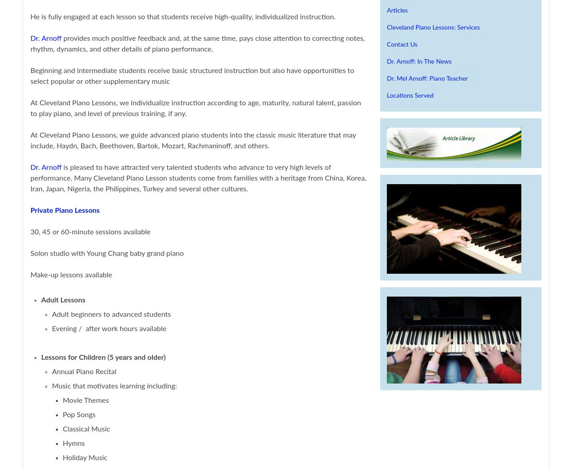 The width and height of the screenshot is (572, 470). Describe the element at coordinates (63, 299) in the screenshot. I see `'Adult Lessons'` at that location.